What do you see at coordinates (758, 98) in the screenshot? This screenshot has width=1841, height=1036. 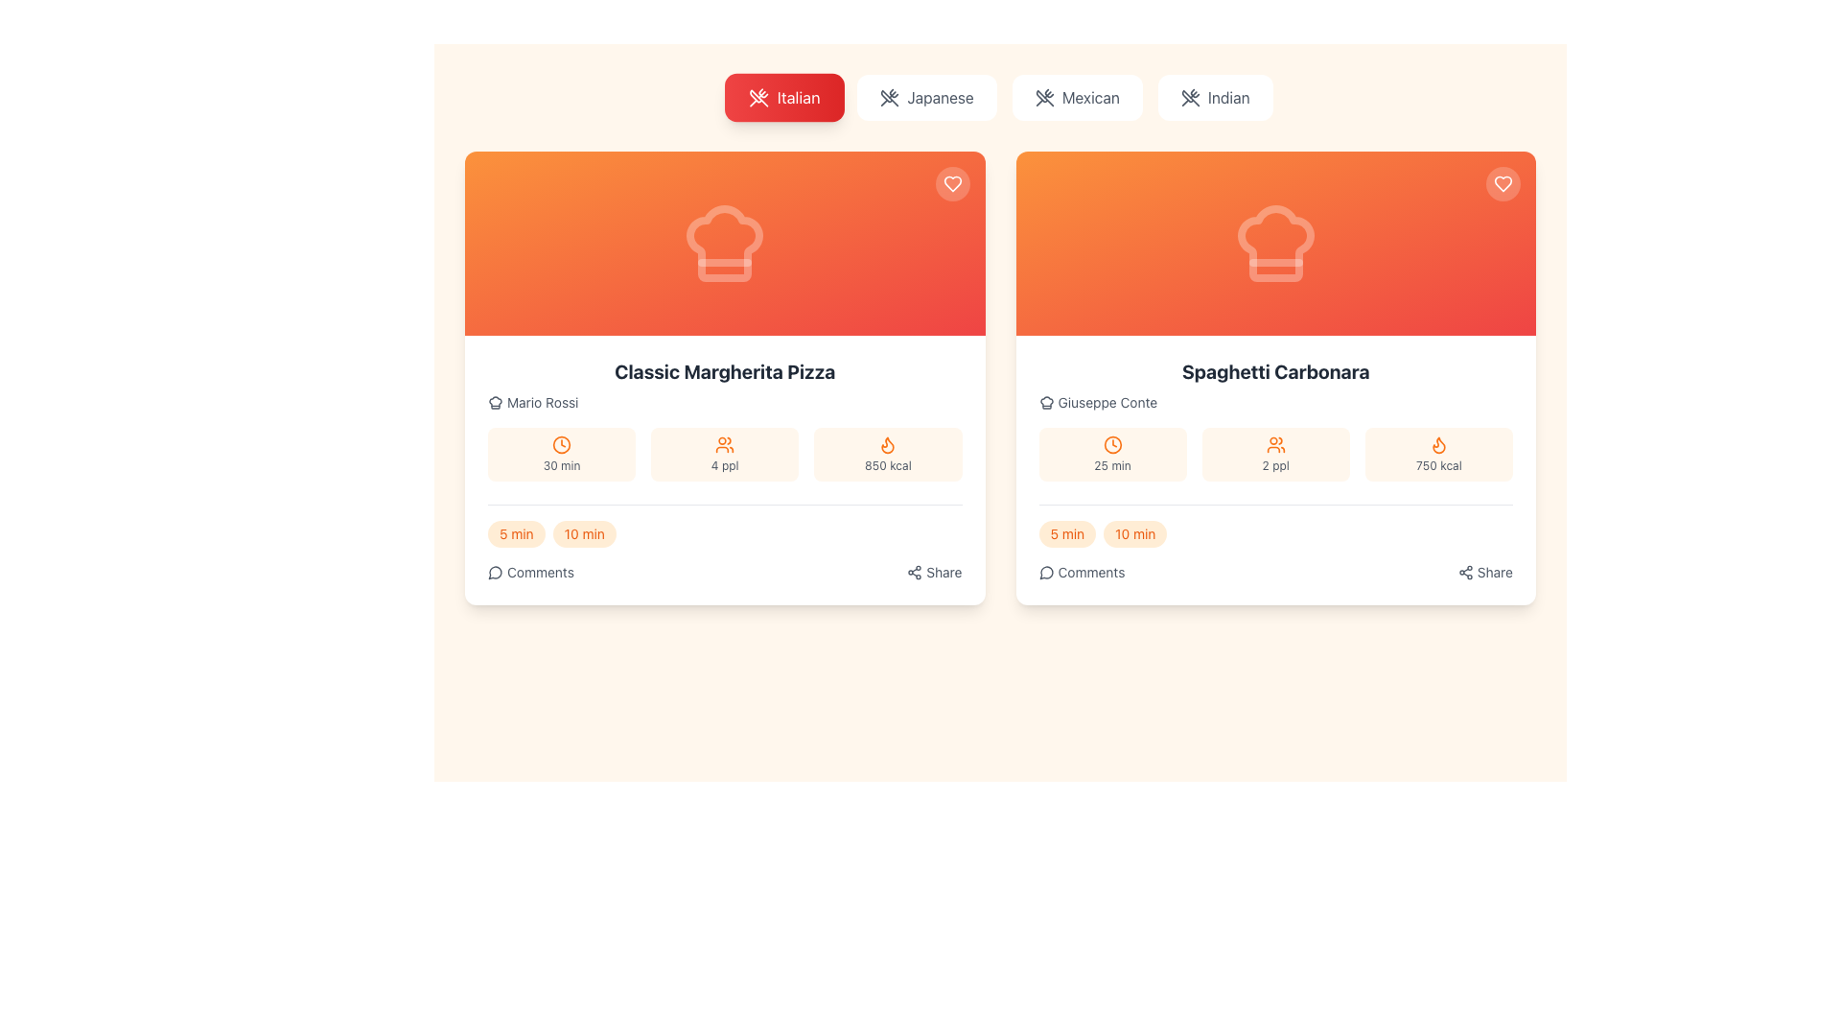 I see `the 'Italian' category button by clicking on the center of the button, which features a crossed utensils icon` at bounding box center [758, 98].